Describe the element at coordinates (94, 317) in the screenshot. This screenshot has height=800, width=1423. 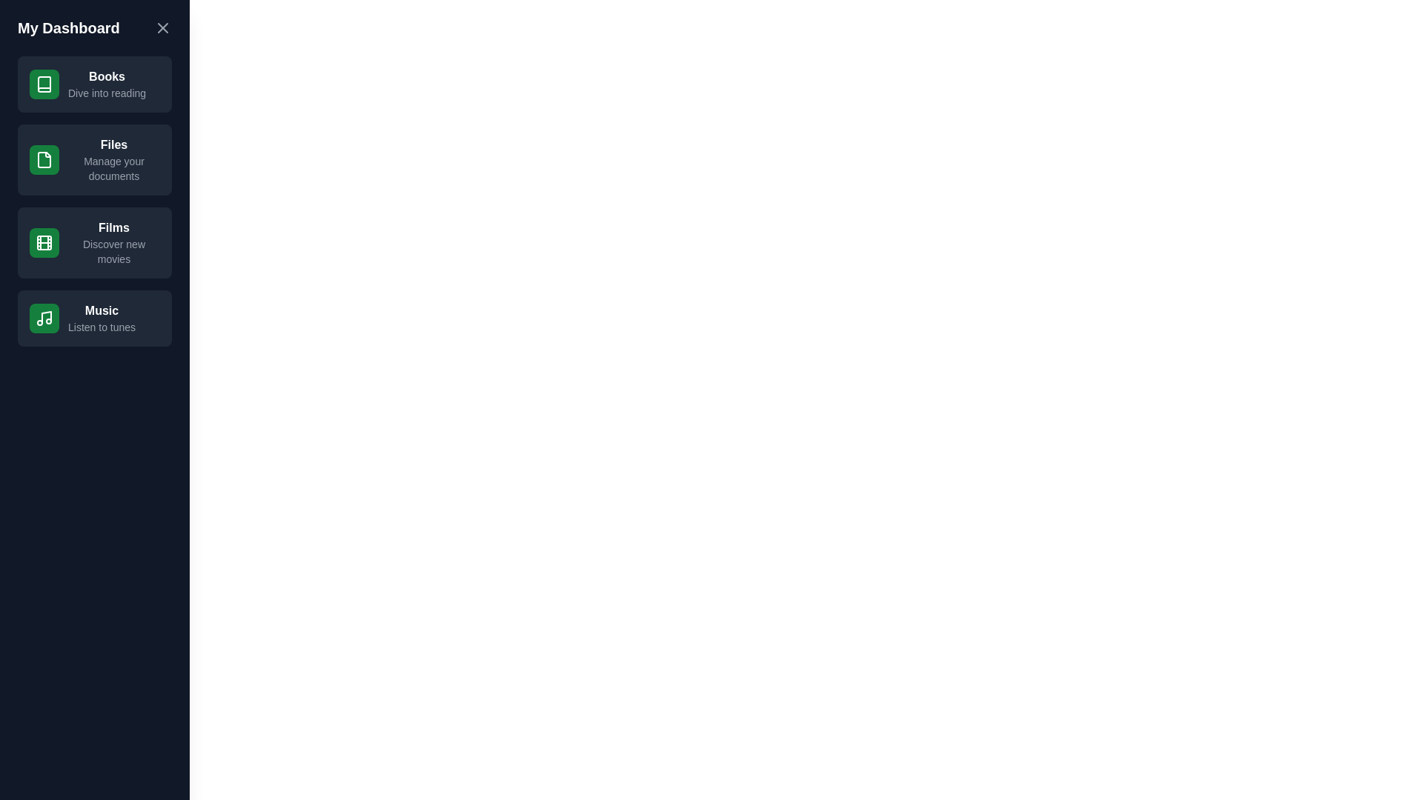
I see `the 'Music' item in the drawer to navigate to the 'Music' section` at that location.